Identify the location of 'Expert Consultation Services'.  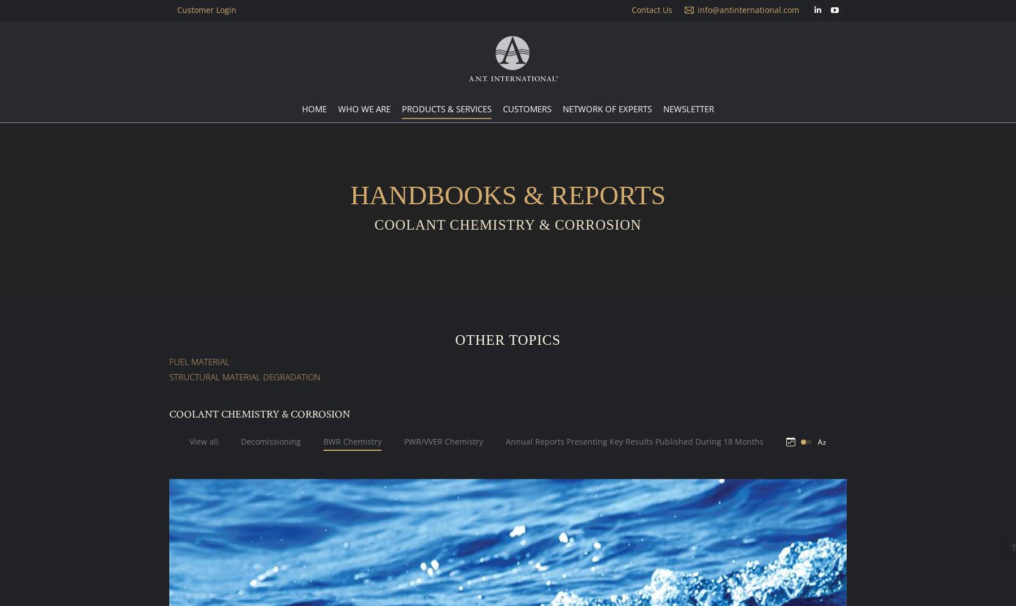
(465, 245).